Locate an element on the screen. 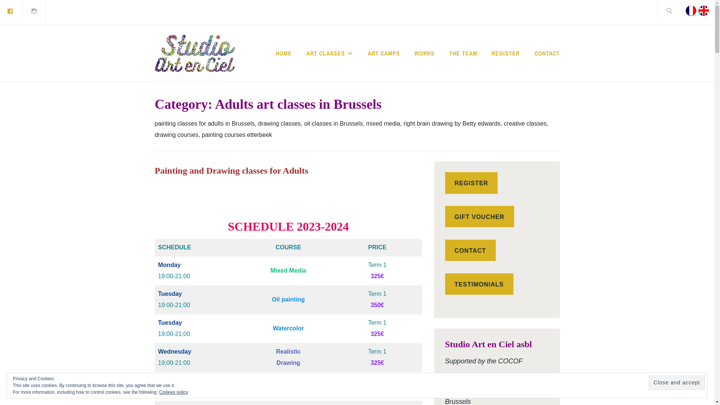 This screenshot has height=405, width=720. 'CONTACT' is located at coordinates (469, 250).